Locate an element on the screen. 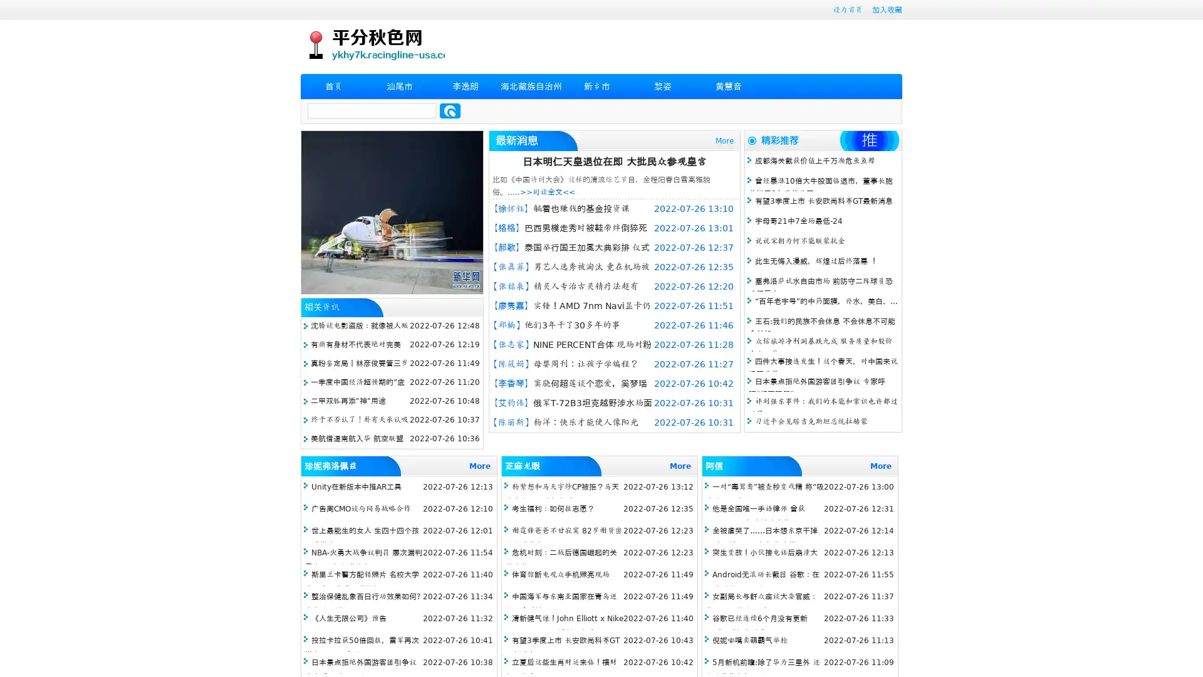 Image resolution: width=1203 pixels, height=677 pixels. Search is located at coordinates (450, 110).